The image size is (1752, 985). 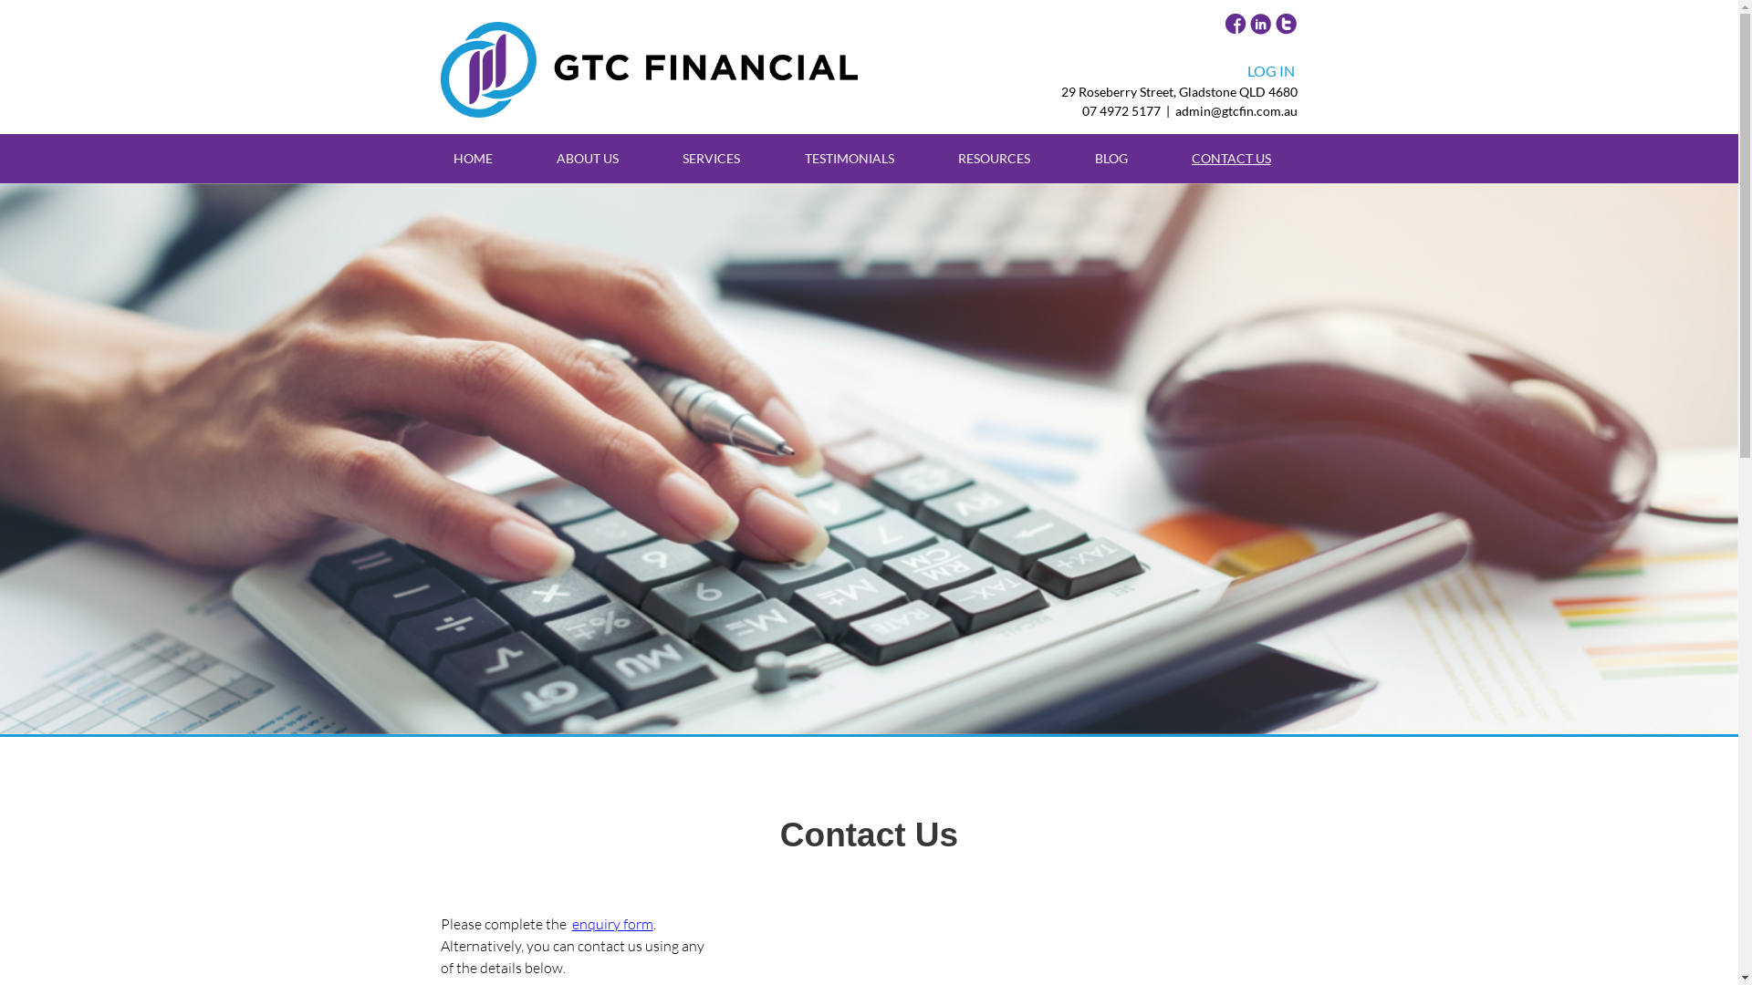 What do you see at coordinates (472, 157) in the screenshot?
I see `'HOME'` at bounding box center [472, 157].